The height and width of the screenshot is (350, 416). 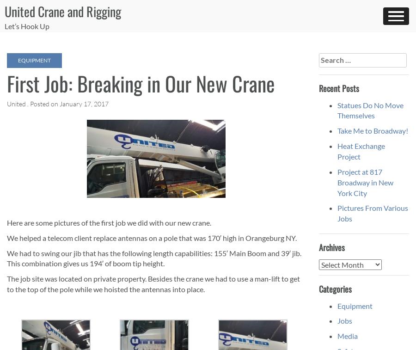 What do you see at coordinates (373, 130) in the screenshot?
I see `'Take Me to Broadway!'` at bounding box center [373, 130].